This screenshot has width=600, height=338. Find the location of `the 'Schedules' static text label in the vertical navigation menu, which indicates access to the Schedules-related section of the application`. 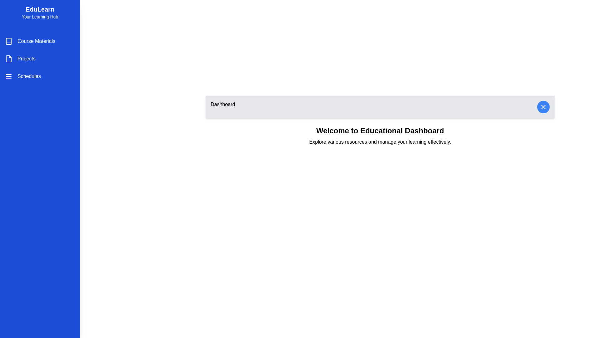

the 'Schedules' static text label in the vertical navigation menu, which indicates access to the Schedules-related section of the application is located at coordinates (29, 76).